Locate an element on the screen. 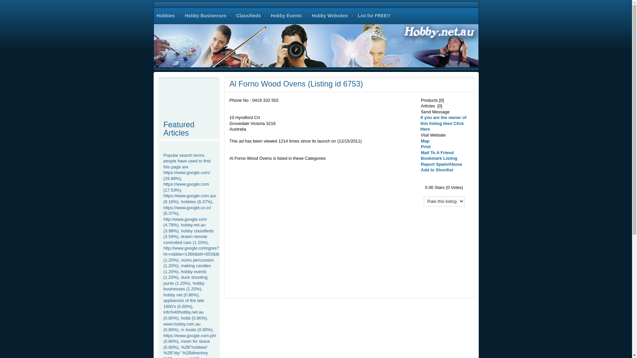  'Map' is located at coordinates (425, 141).